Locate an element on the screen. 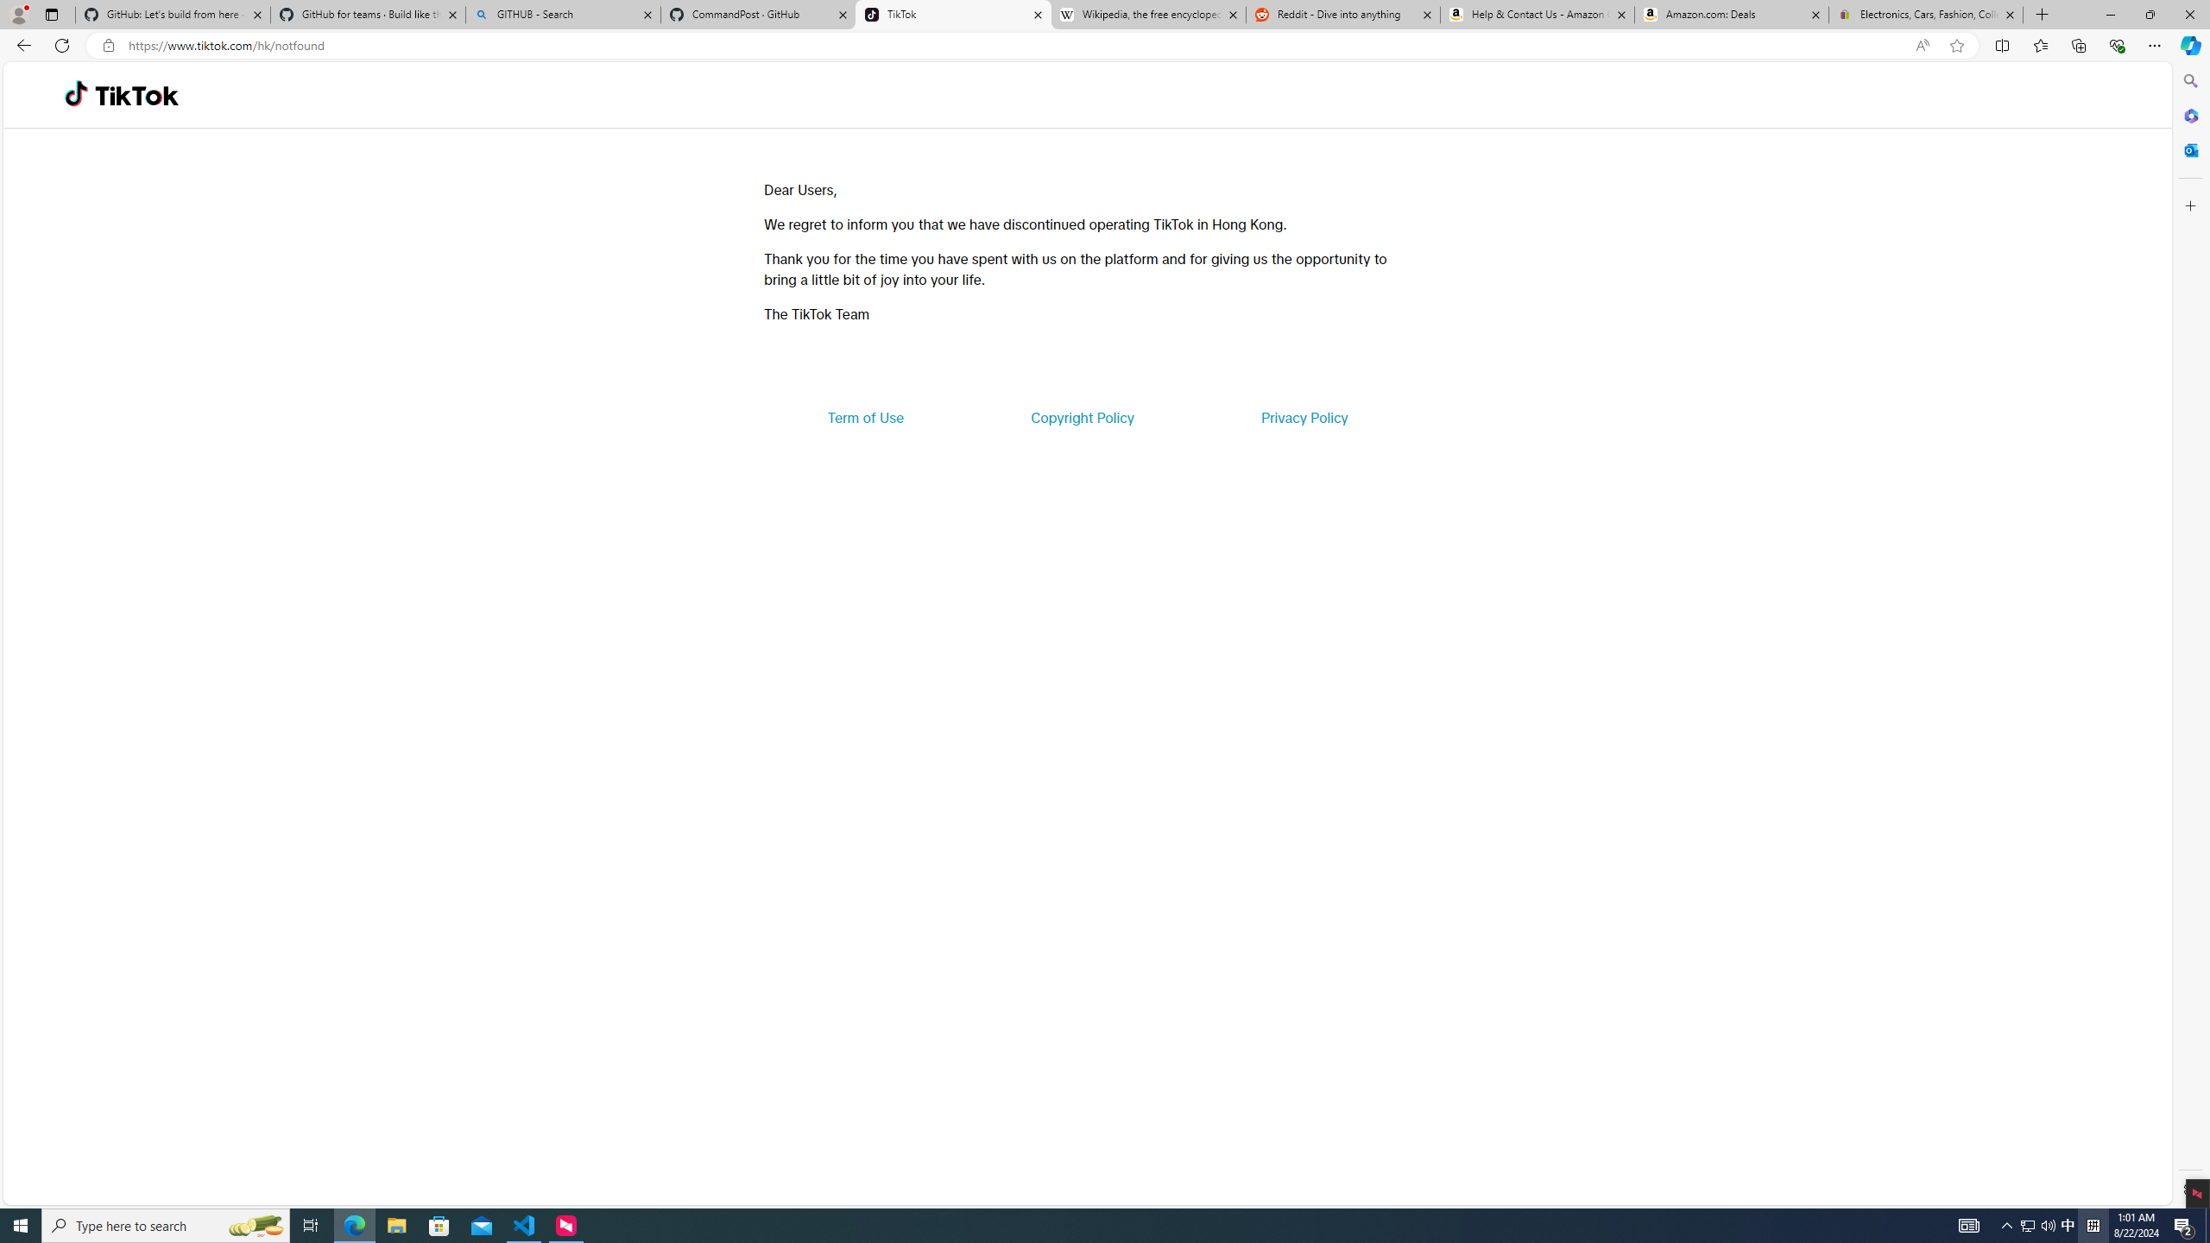  'Term of Use' is located at coordinates (865, 416).